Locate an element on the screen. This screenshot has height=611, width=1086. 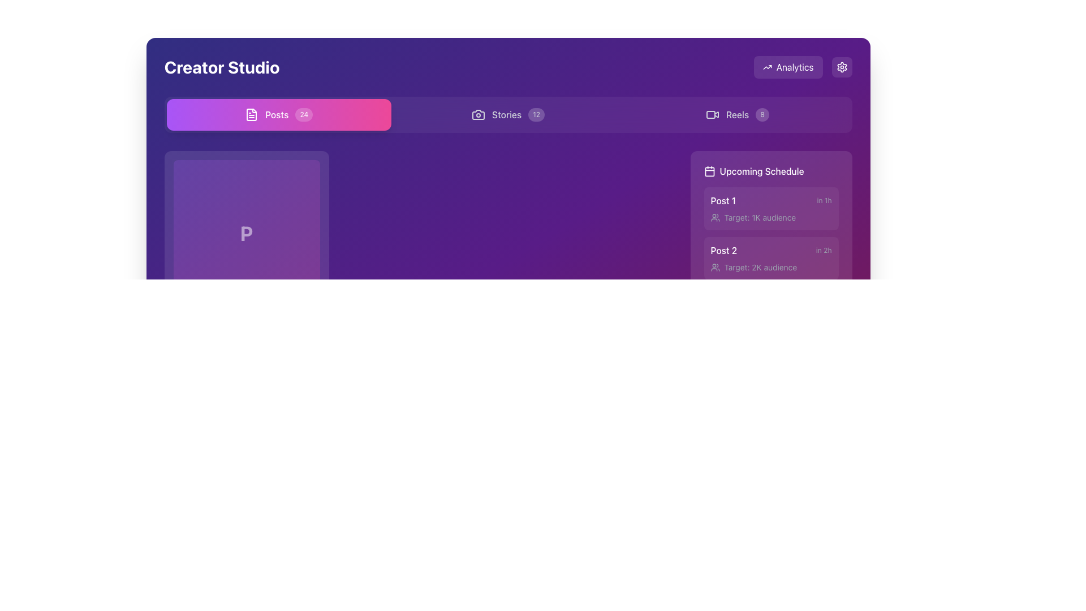
the main rectangular area of the calendar icon that signifies scheduling in the 'Upcoming Schedule' component is located at coordinates (709, 171).